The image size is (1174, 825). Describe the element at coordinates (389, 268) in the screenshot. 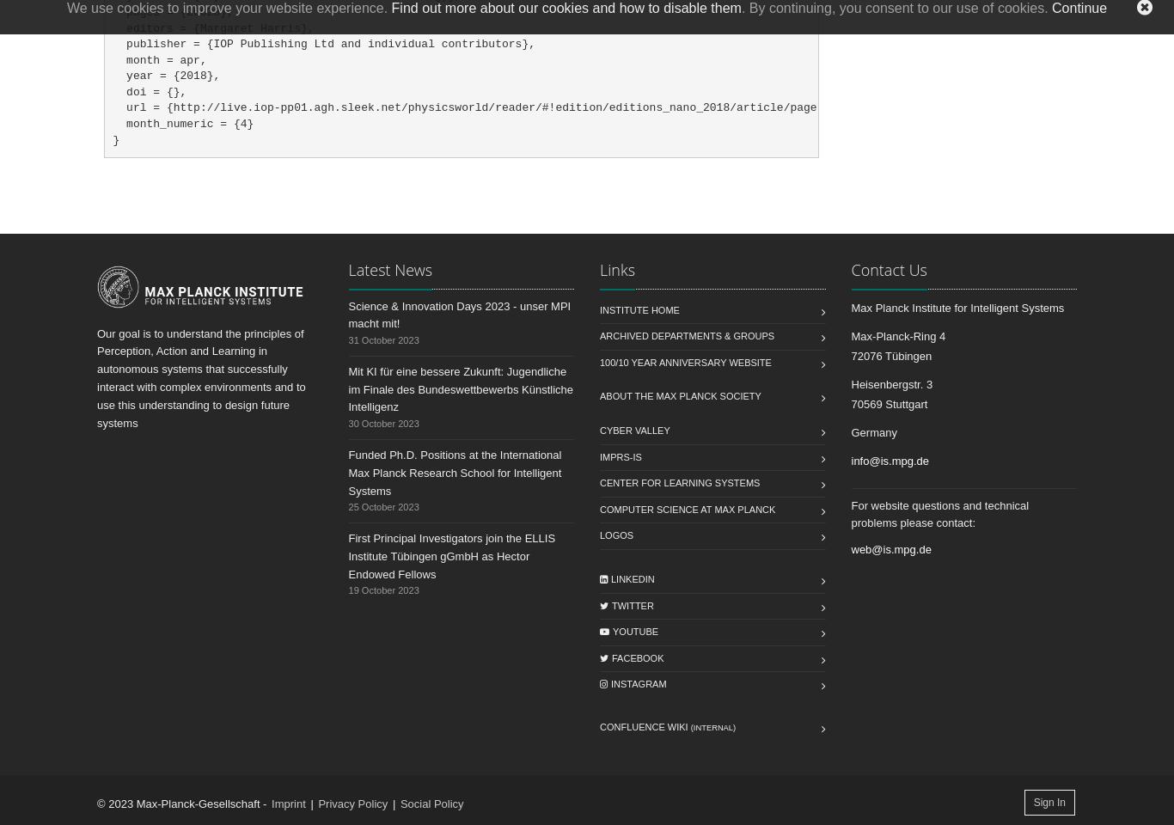

I see `'Latest News'` at that location.